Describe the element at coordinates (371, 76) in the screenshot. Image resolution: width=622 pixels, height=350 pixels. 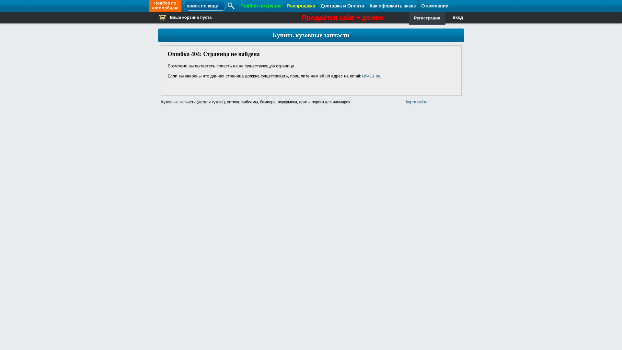
I see `'i@411.by'` at that location.